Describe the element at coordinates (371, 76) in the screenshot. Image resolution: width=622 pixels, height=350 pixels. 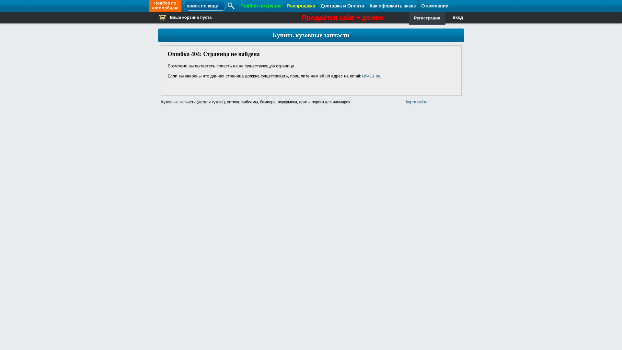
I see `'i@411.by'` at that location.